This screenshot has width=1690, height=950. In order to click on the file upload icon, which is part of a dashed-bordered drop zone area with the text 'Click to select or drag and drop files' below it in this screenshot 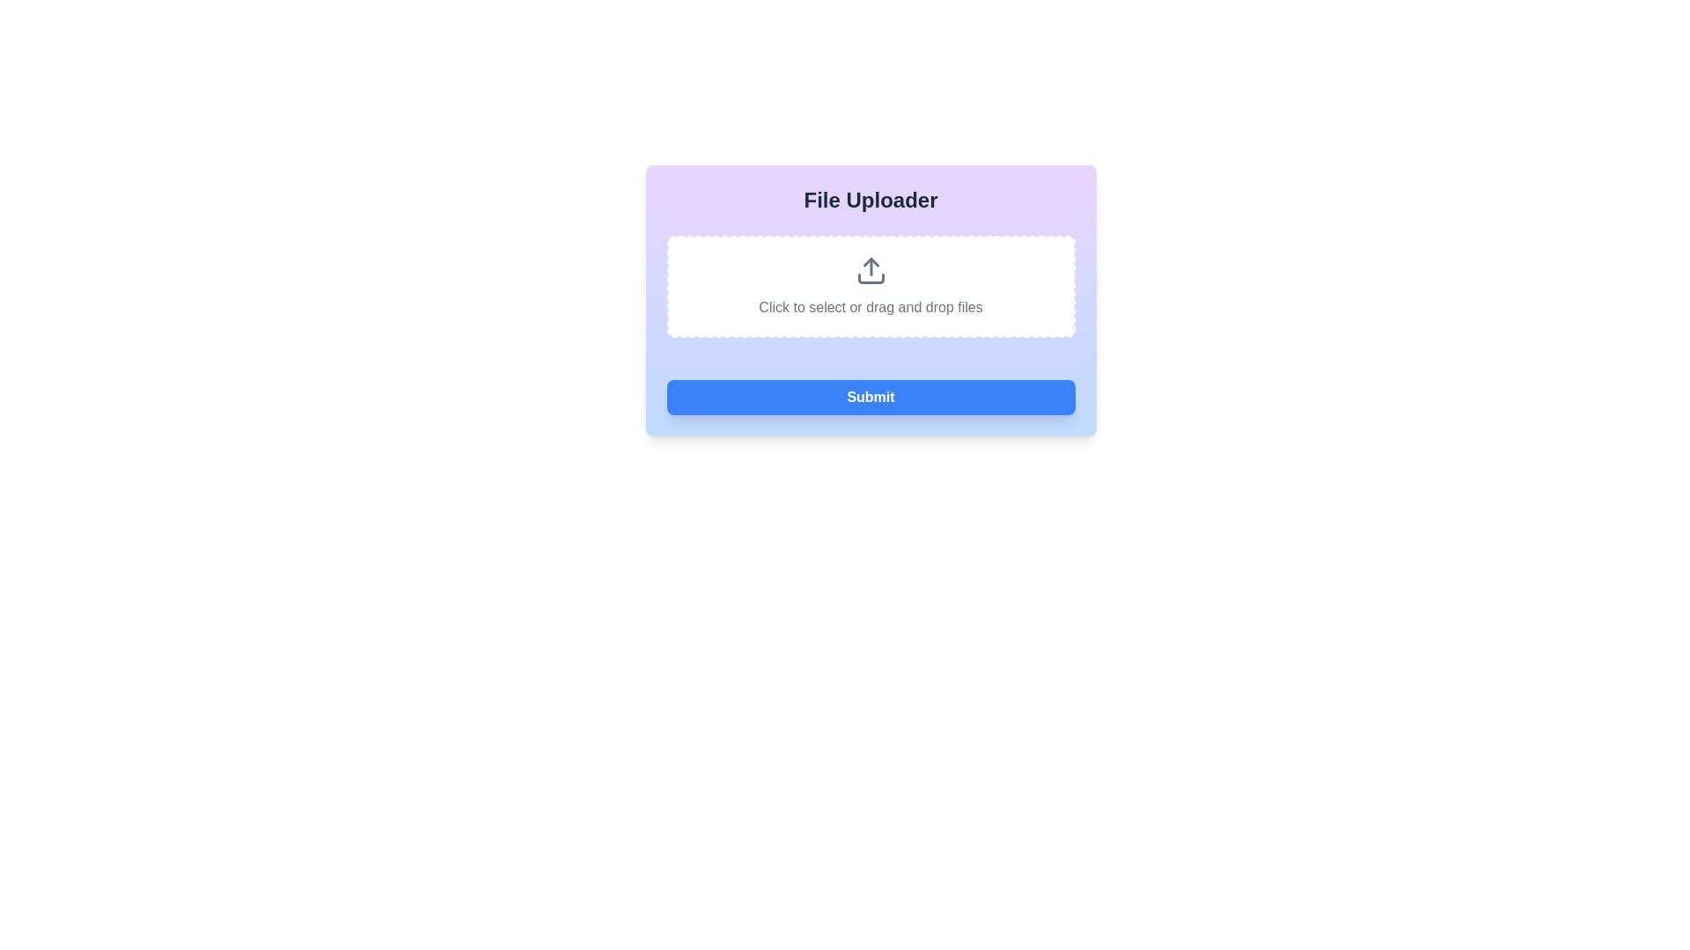, I will do `click(871, 271)`.